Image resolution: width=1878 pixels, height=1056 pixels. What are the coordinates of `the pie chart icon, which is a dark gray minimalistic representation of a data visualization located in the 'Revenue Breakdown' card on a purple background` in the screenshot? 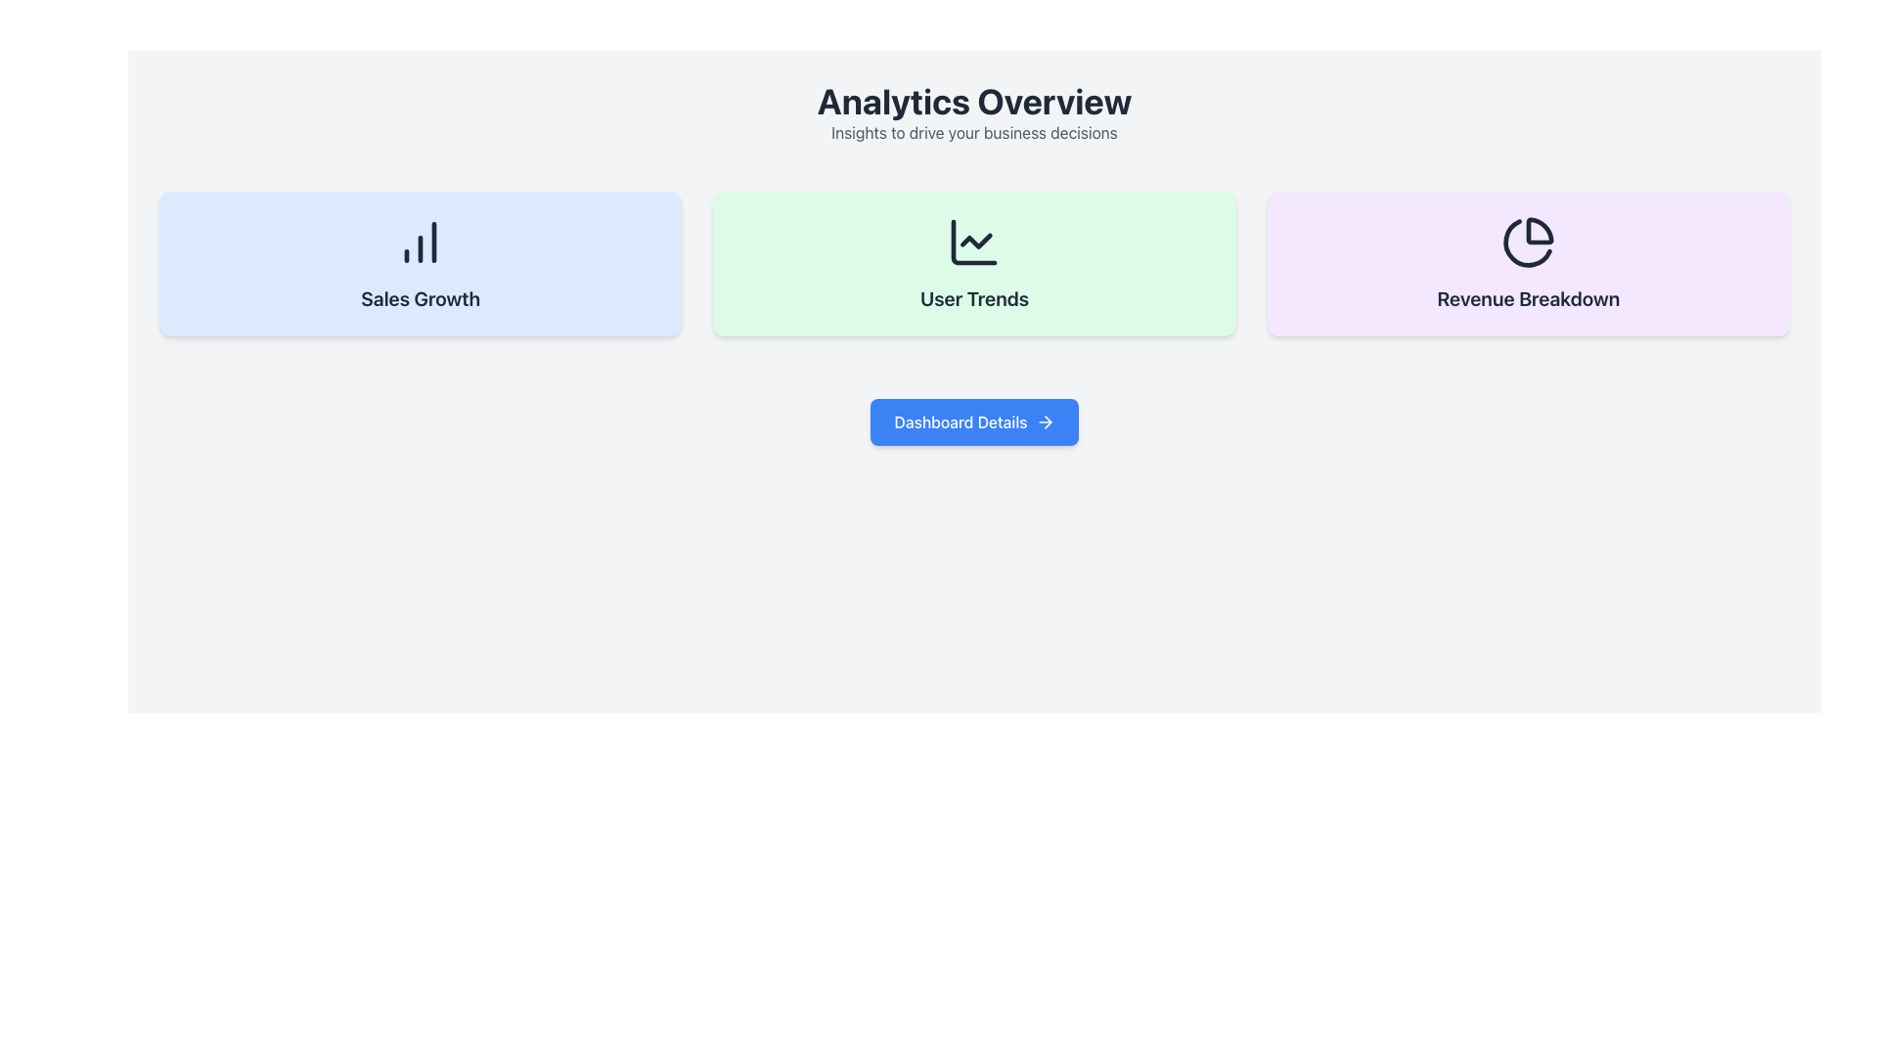 It's located at (1527, 241).